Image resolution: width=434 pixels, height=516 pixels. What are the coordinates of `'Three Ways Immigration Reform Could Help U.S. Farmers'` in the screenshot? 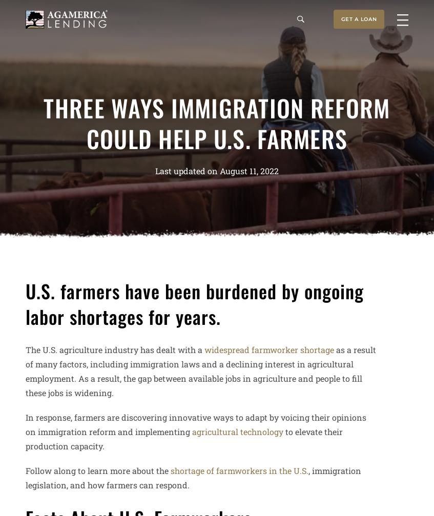 It's located at (44, 122).